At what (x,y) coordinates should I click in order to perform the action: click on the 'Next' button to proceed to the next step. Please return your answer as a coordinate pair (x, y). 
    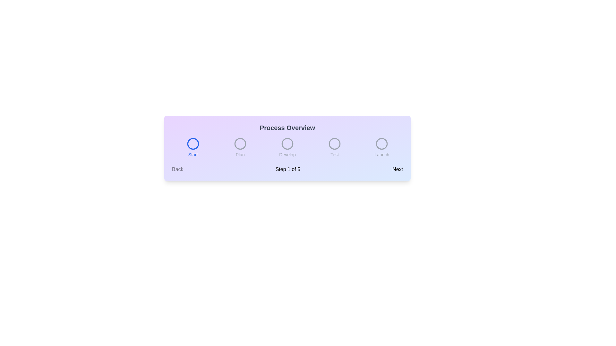
    Looking at the image, I should click on (397, 169).